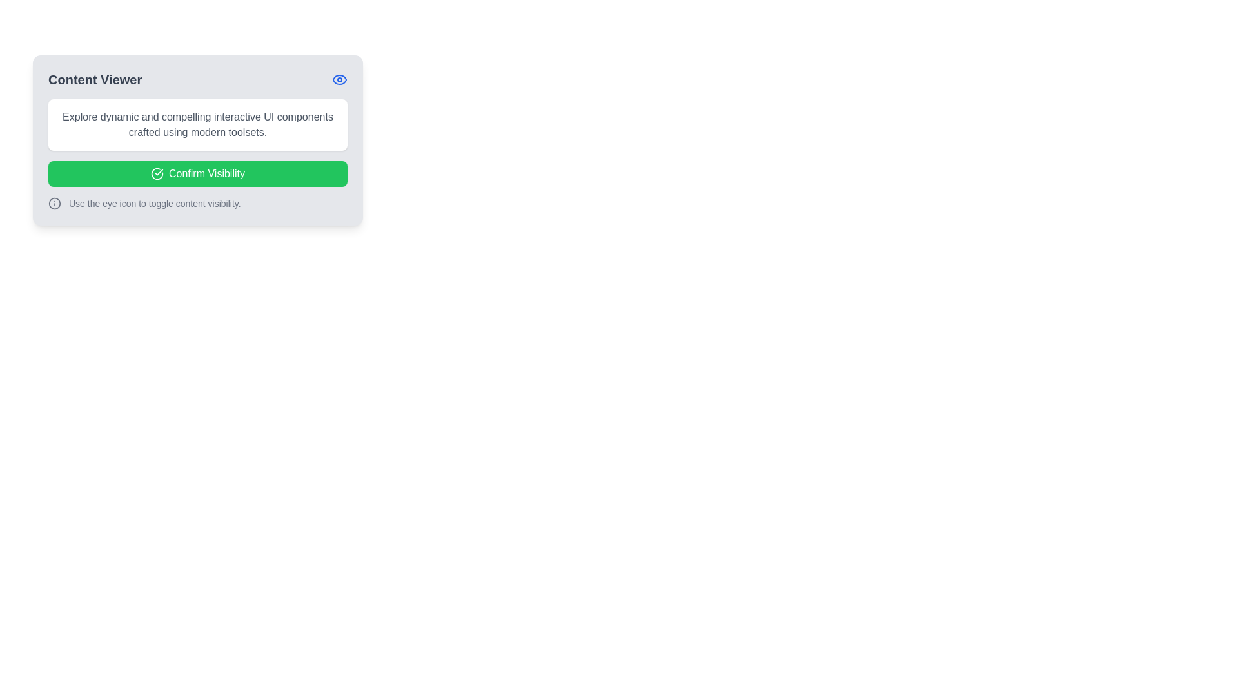  What do you see at coordinates (54, 203) in the screenshot?
I see `the SVG graphic icon located at the bottom left of the text description 'Use the eye icon to toggle content visibility.'` at bounding box center [54, 203].